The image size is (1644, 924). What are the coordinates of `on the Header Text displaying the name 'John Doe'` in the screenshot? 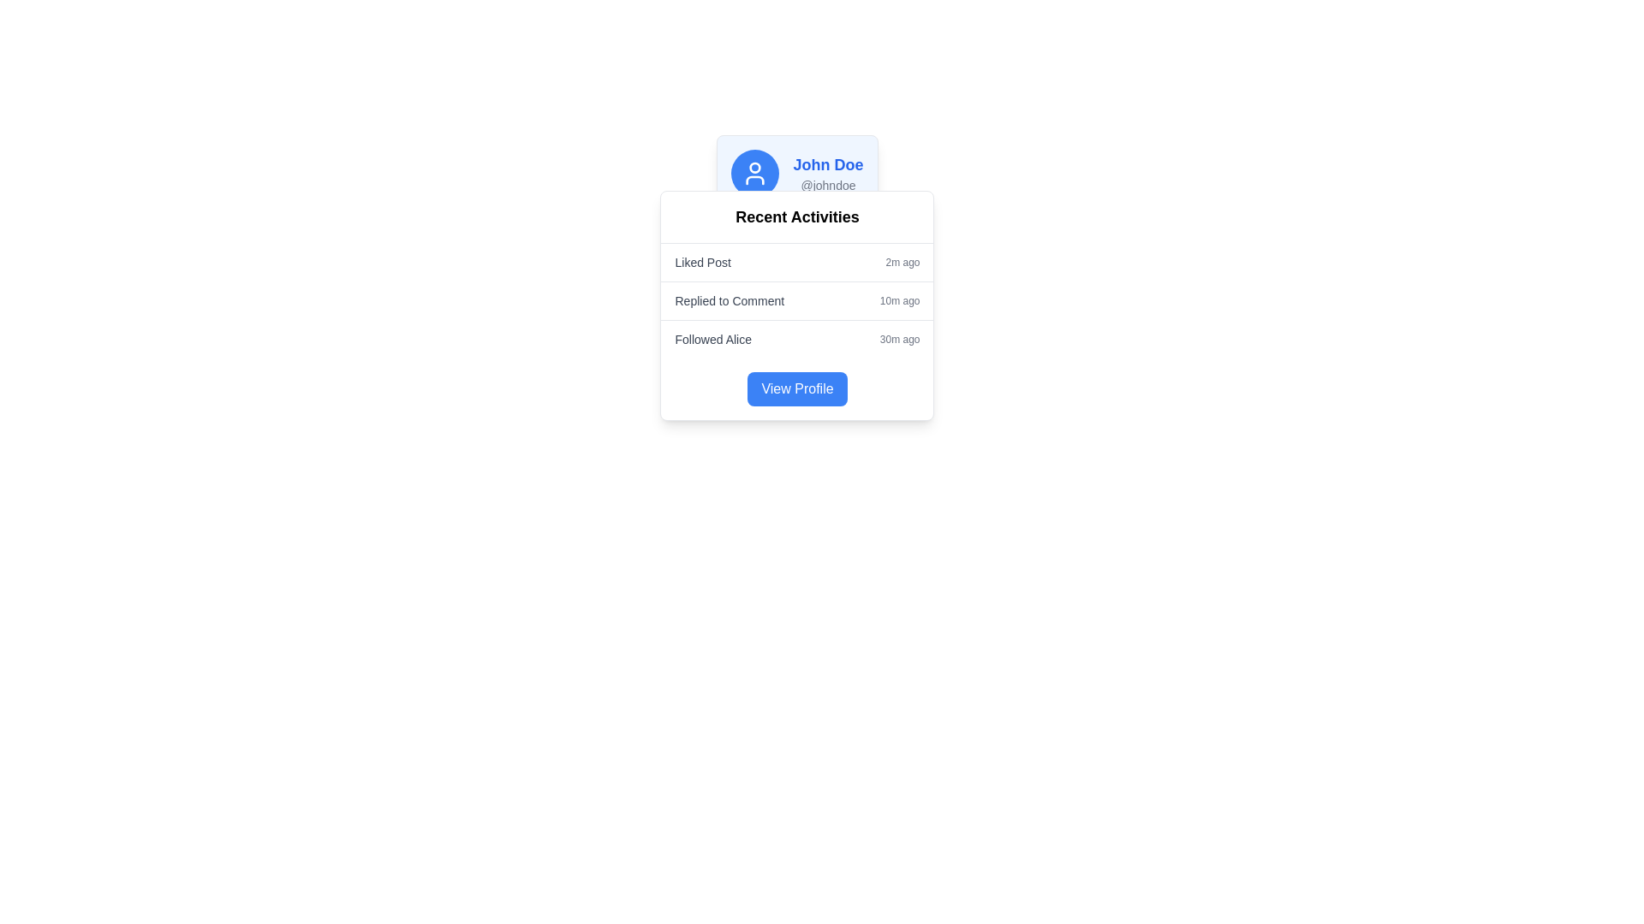 It's located at (827, 164).